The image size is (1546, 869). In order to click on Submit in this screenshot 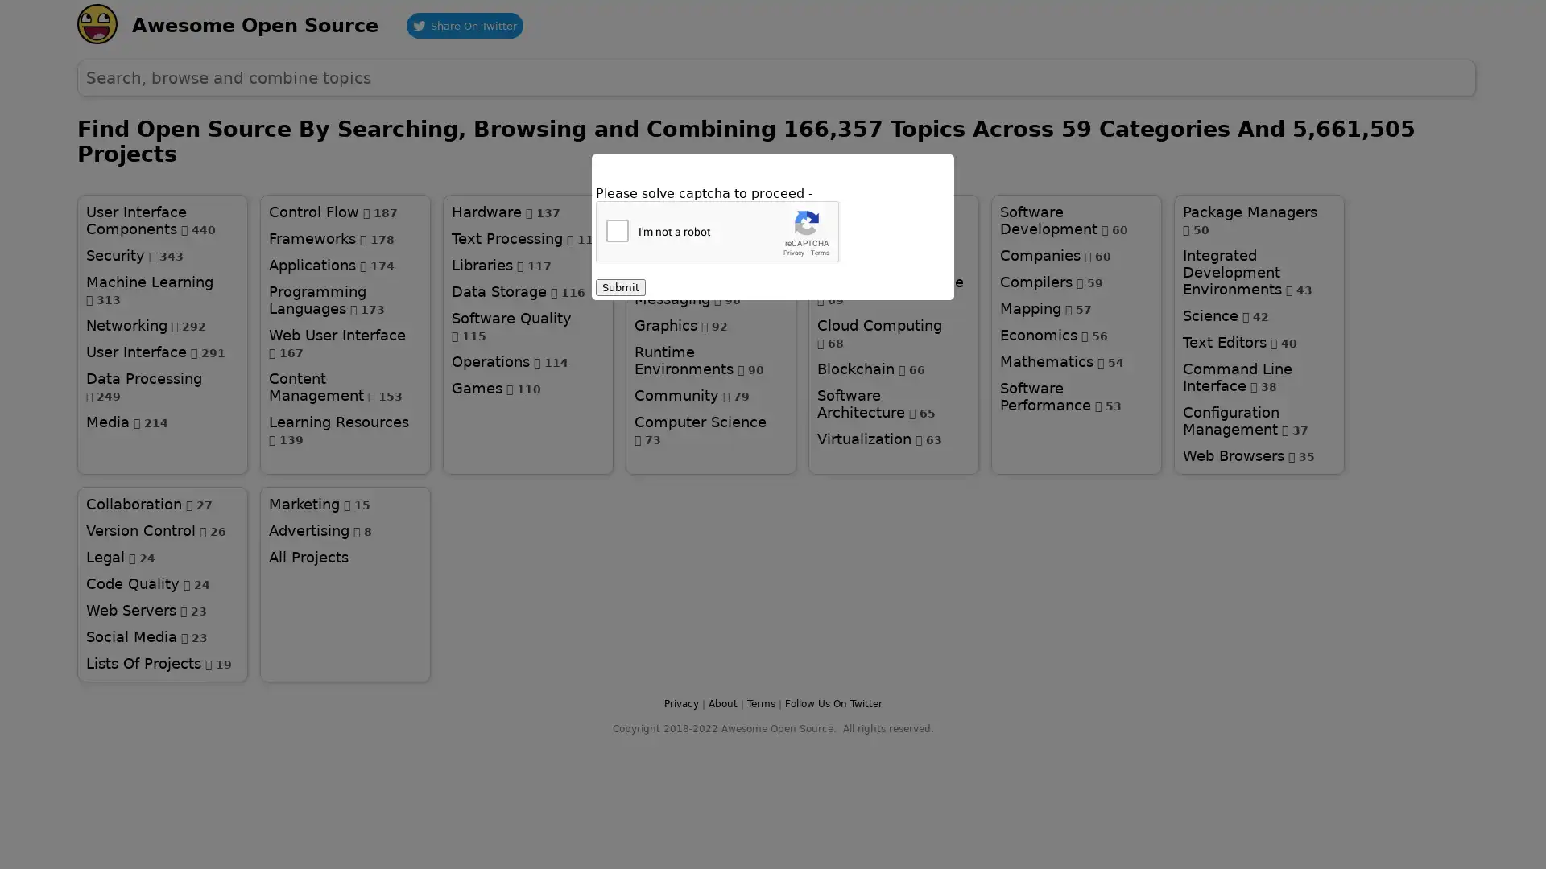, I will do `click(620, 286)`.